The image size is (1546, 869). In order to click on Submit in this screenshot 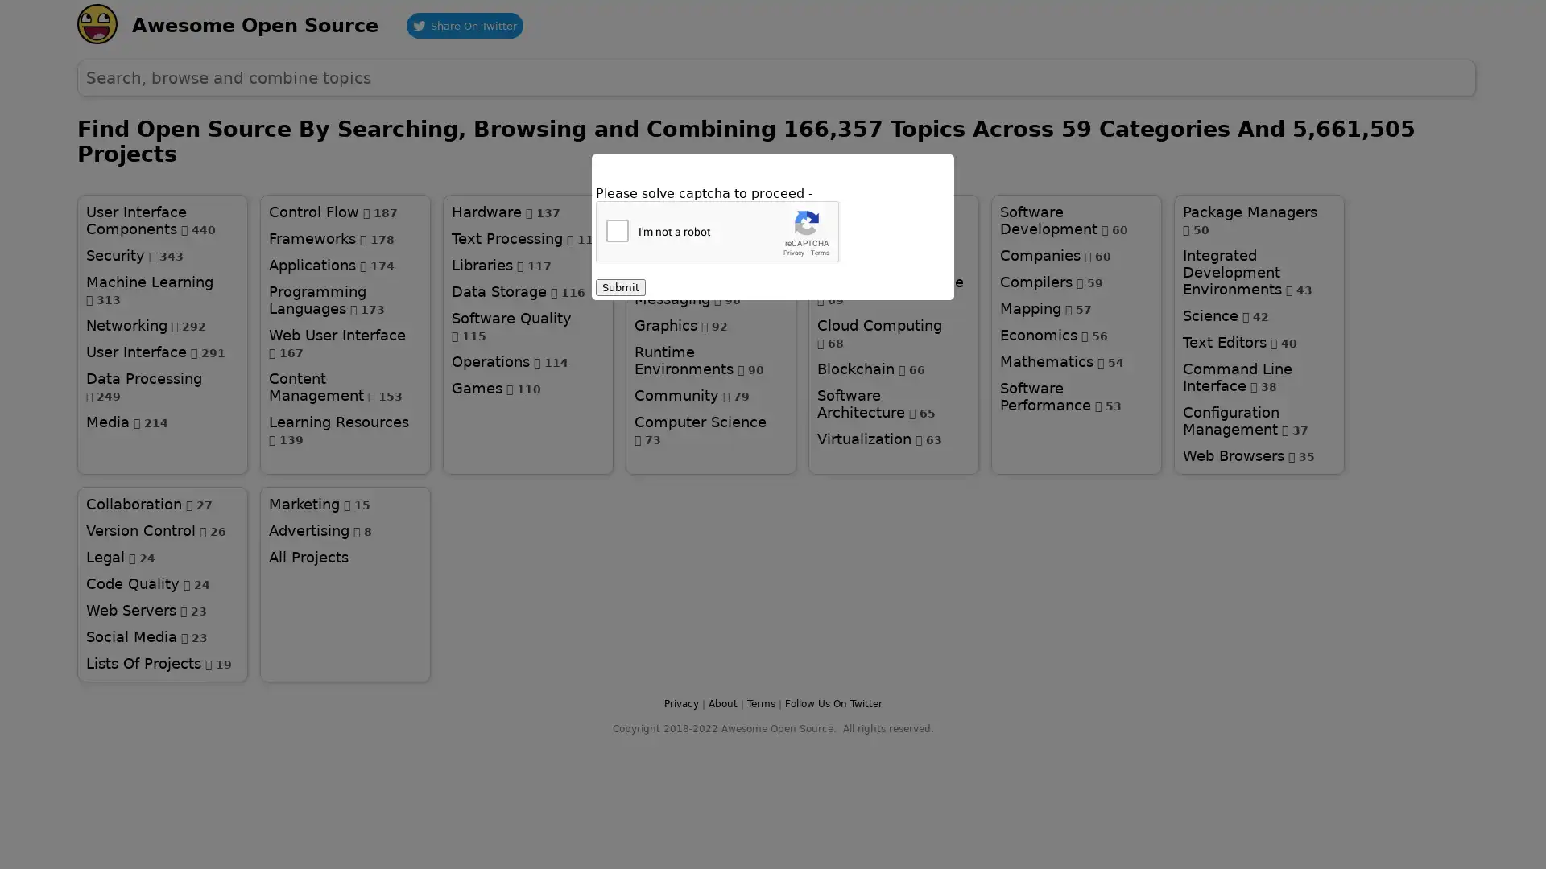, I will do `click(620, 286)`.